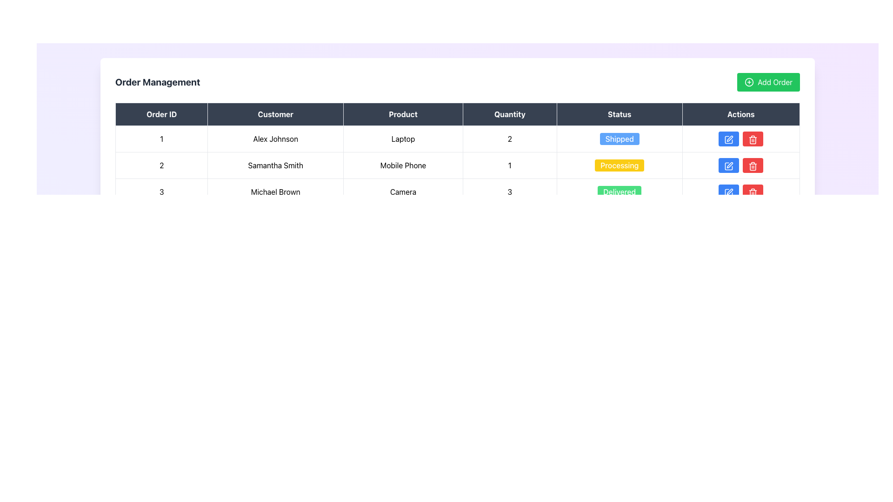 This screenshot has width=893, height=502. Describe the element at coordinates (740, 114) in the screenshot. I see `the header label for the 'Actions' column in the table, which is positioned in the far-right column of the header row, immediately following the 'Status' column` at that location.